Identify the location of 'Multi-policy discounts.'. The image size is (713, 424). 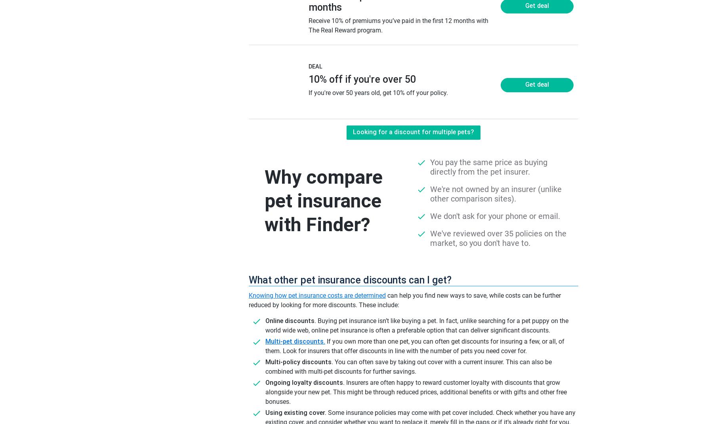
(265, 362).